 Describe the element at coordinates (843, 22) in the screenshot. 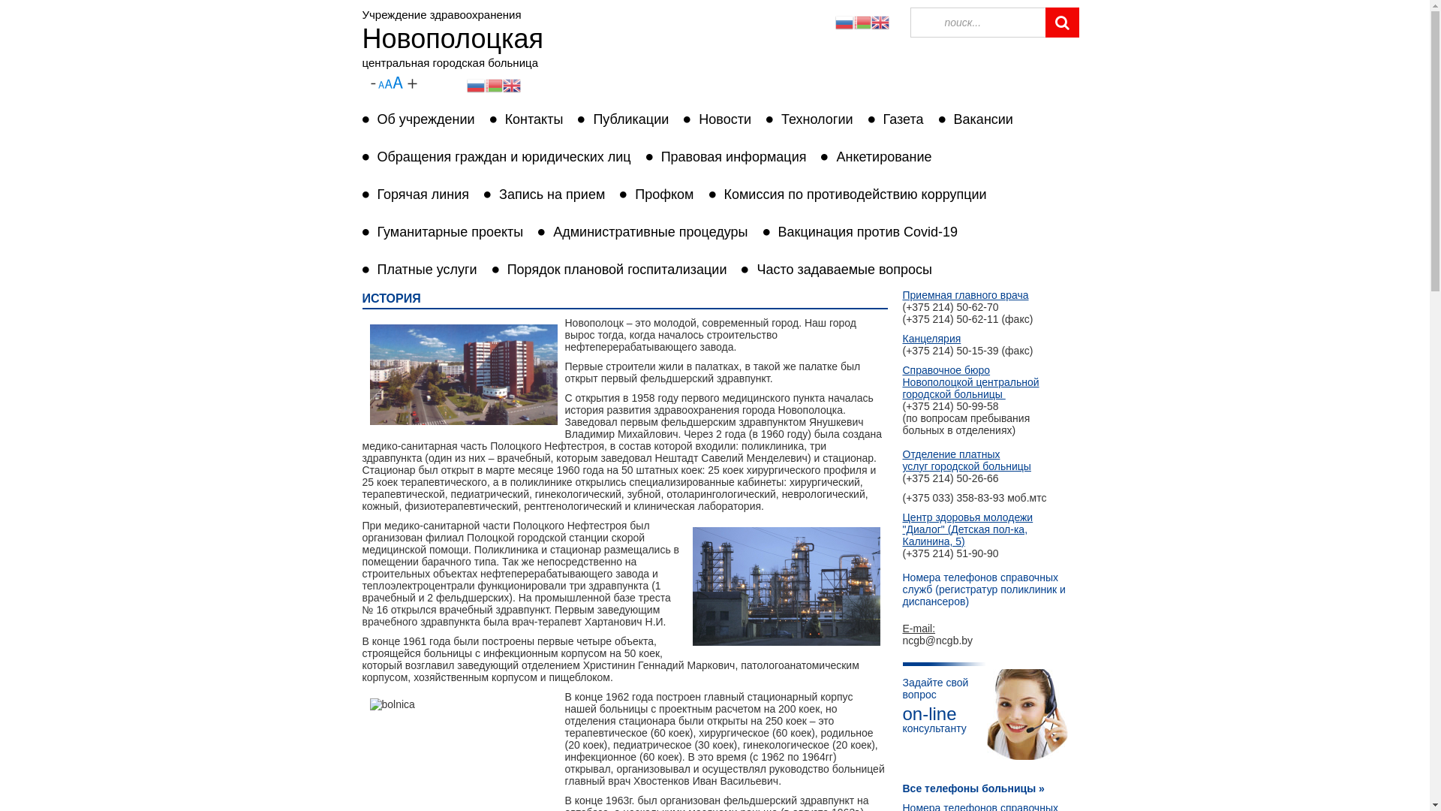

I see `'Russian'` at that location.